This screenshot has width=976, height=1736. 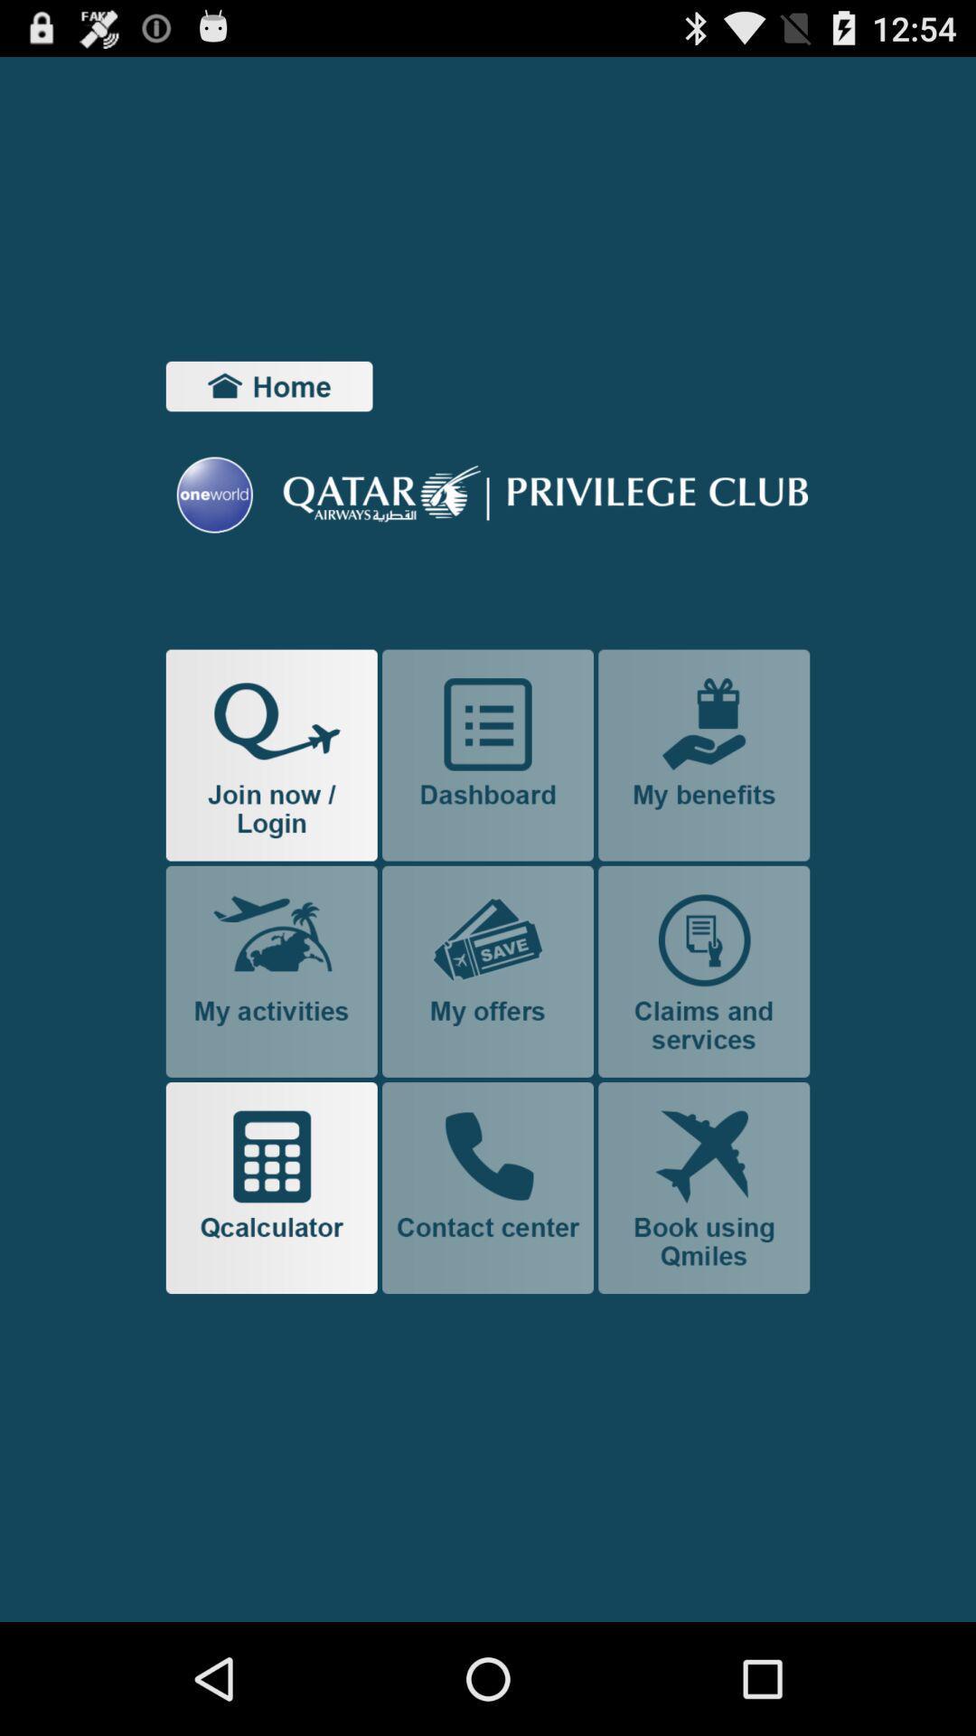 I want to click on the my offers button, so click(x=488, y=970).